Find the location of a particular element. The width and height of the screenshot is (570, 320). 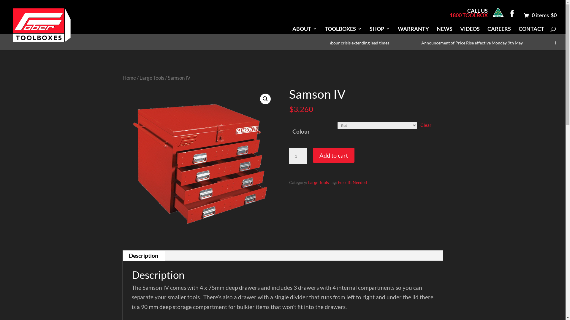

'Add to cart' is located at coordinates (333, 155).